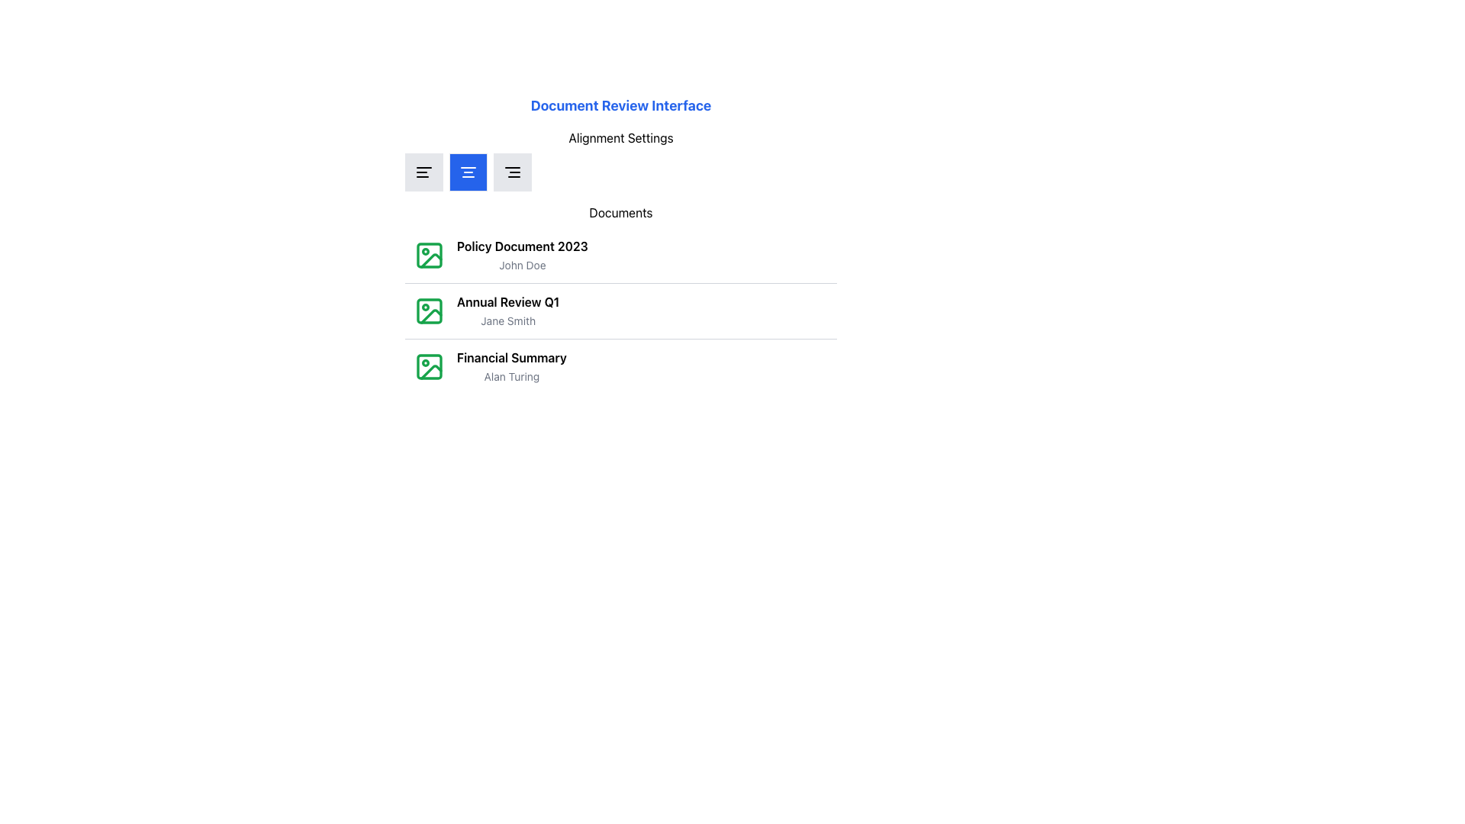 Image resolution: width=1465 pixels, height=824 pixels. What do you see at coordinates (621, 105) in the screenshot?
I see `the text label that serves as the title for the page or section, located at the top of the content area above the 'Alignment Settings' heading` at bounding box center [621, 105].